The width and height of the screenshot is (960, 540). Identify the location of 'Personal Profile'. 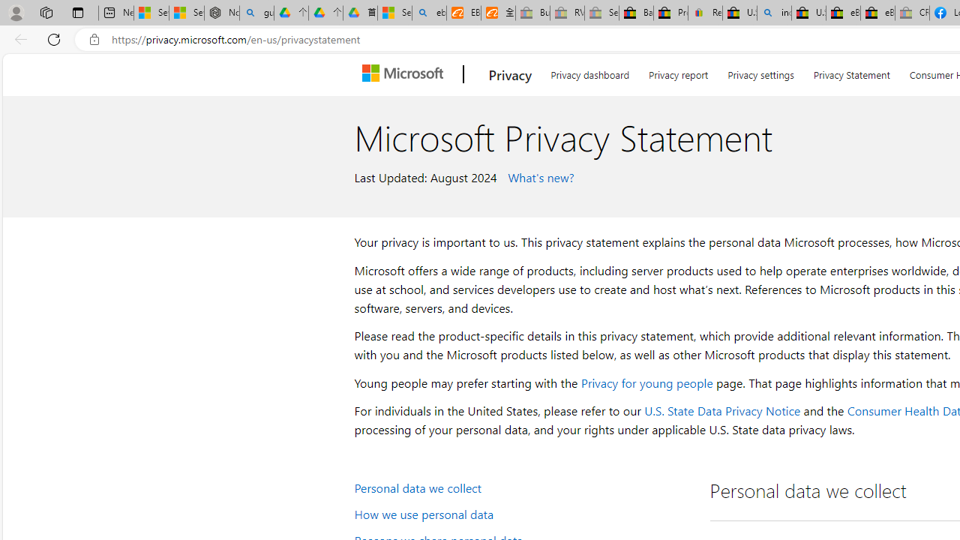
(16, 12).